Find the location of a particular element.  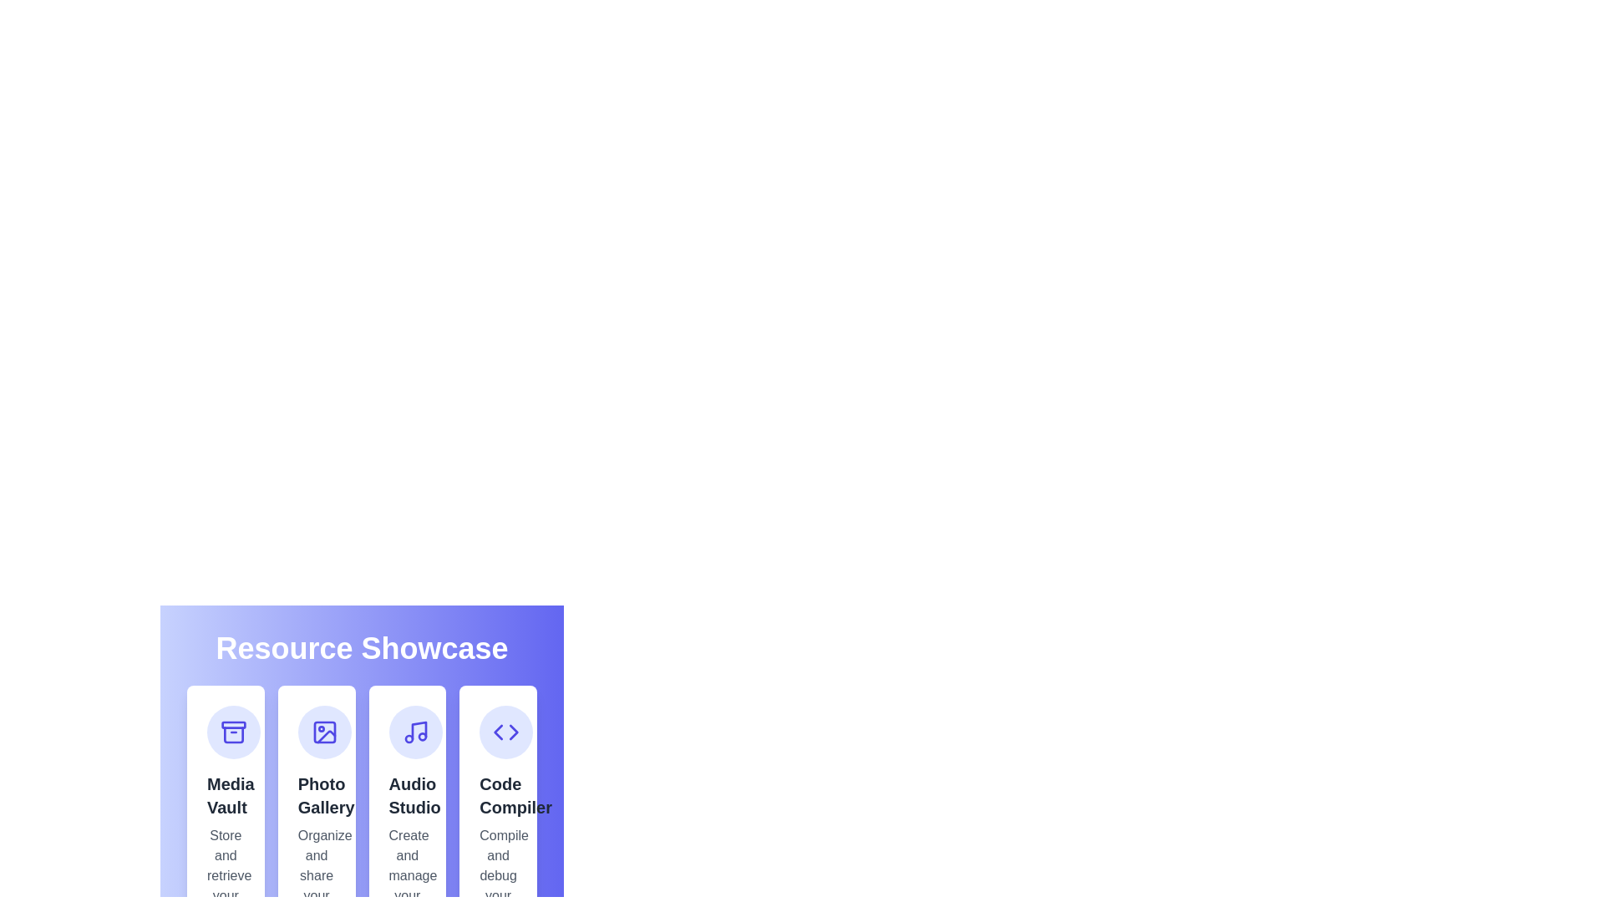

the 'Audio Studio' text label, which is a bold, dark gray title centered within its card layout, situated below a music-themed icon and above a description is located at coordinates (407, 794).